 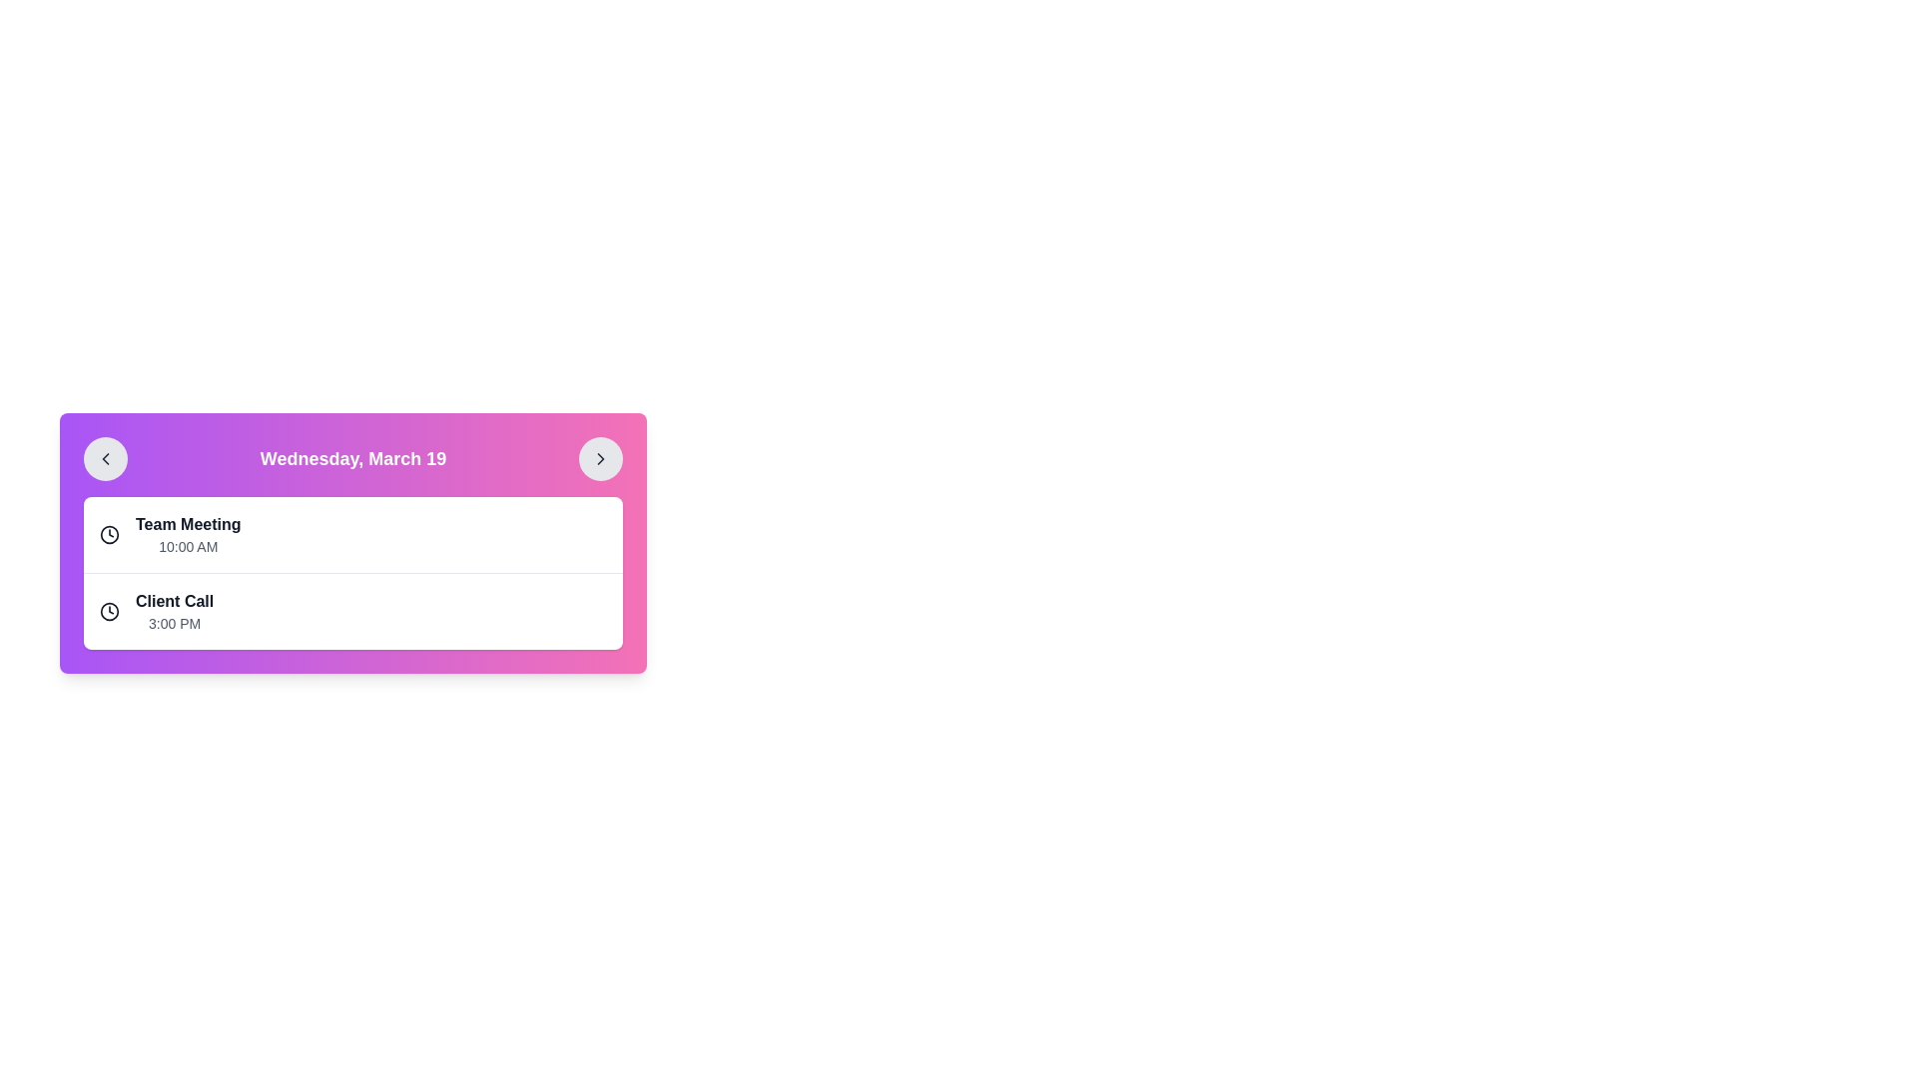 I want to click on the text label representing the event titled 'Client Call' scheduled at 3:00 PM, which is the second item listed under 'Wednesday, March 19' in the calendar panel, so click(x=175, y=611).